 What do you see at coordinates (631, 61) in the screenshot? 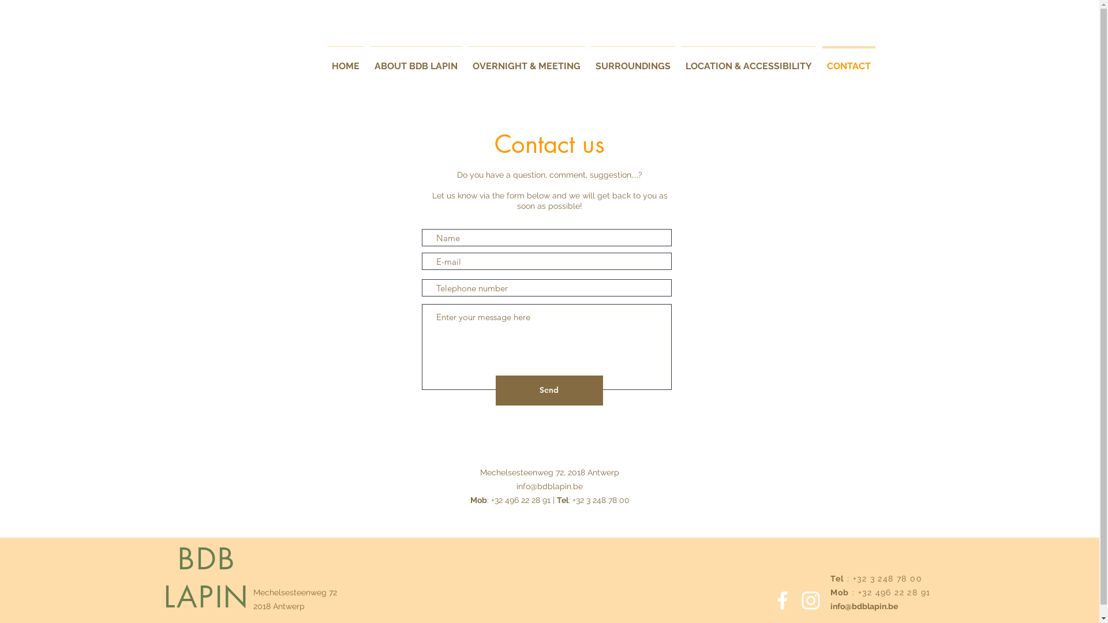
I see `'SURROUNDINGS'` at bounding box center [631, 61].